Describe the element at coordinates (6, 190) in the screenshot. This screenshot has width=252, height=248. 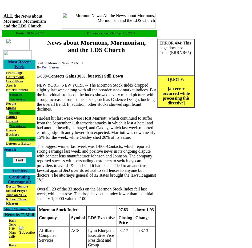
I see `'School Prayer'` at that location.